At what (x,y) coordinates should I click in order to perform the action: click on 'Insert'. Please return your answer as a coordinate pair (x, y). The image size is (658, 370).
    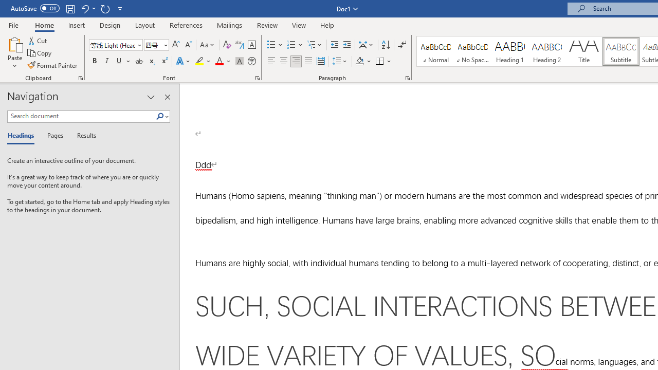
    Looking at the image, I should click on (76, 25).